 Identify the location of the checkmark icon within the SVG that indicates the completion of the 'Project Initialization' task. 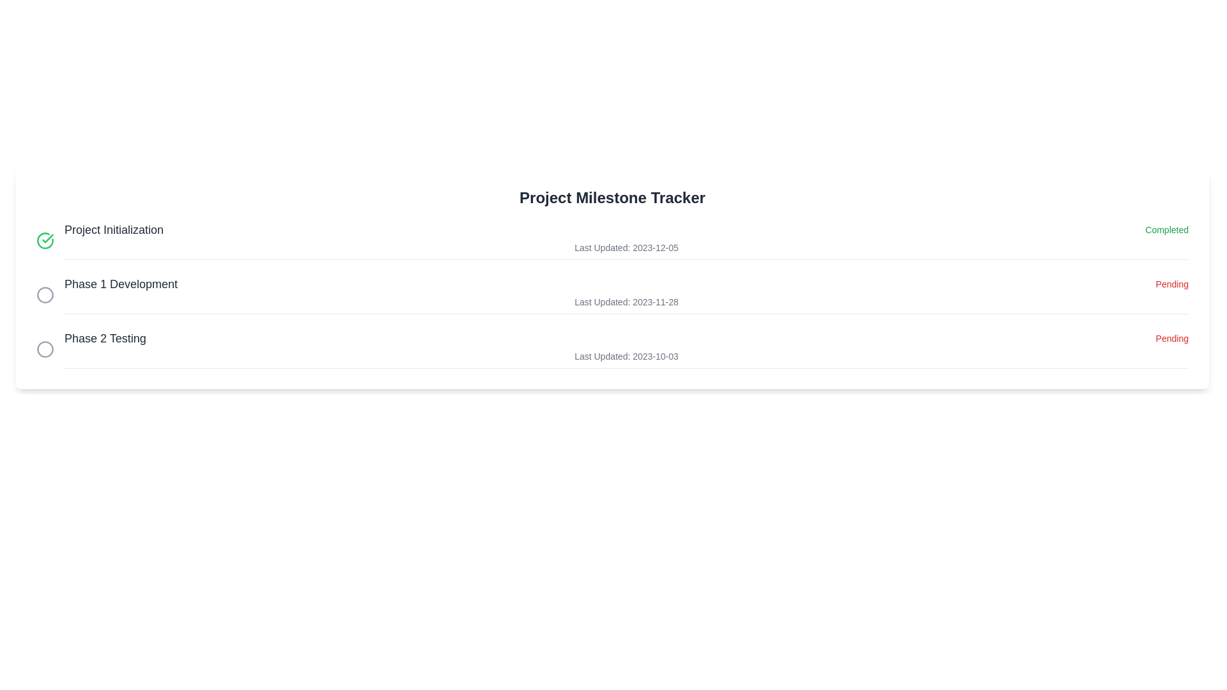
(48, 238).